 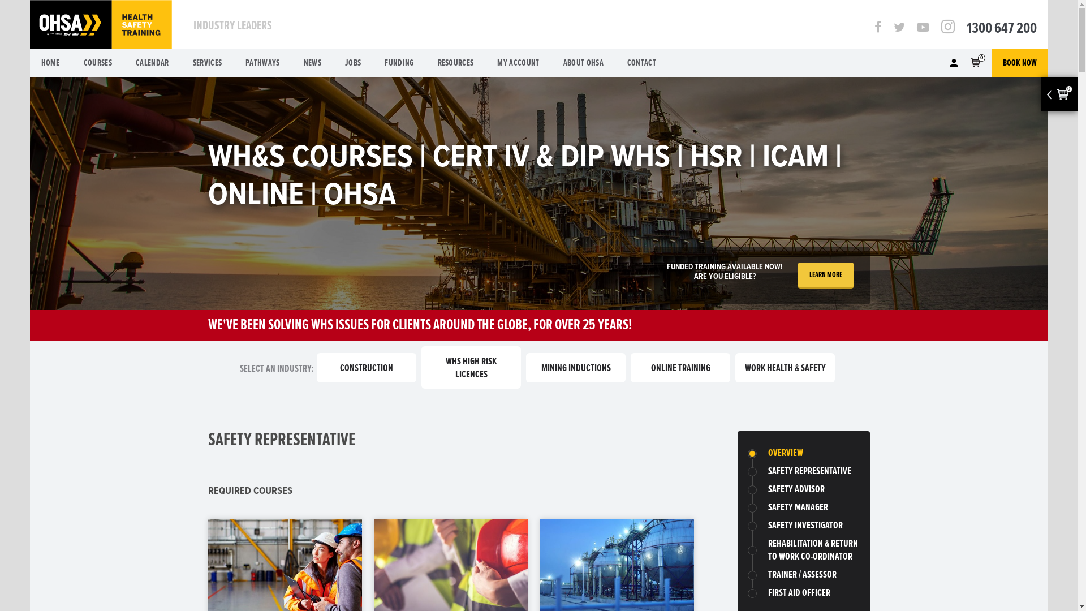 I want to click on 'SERVICES', so click(x=192, y=63).